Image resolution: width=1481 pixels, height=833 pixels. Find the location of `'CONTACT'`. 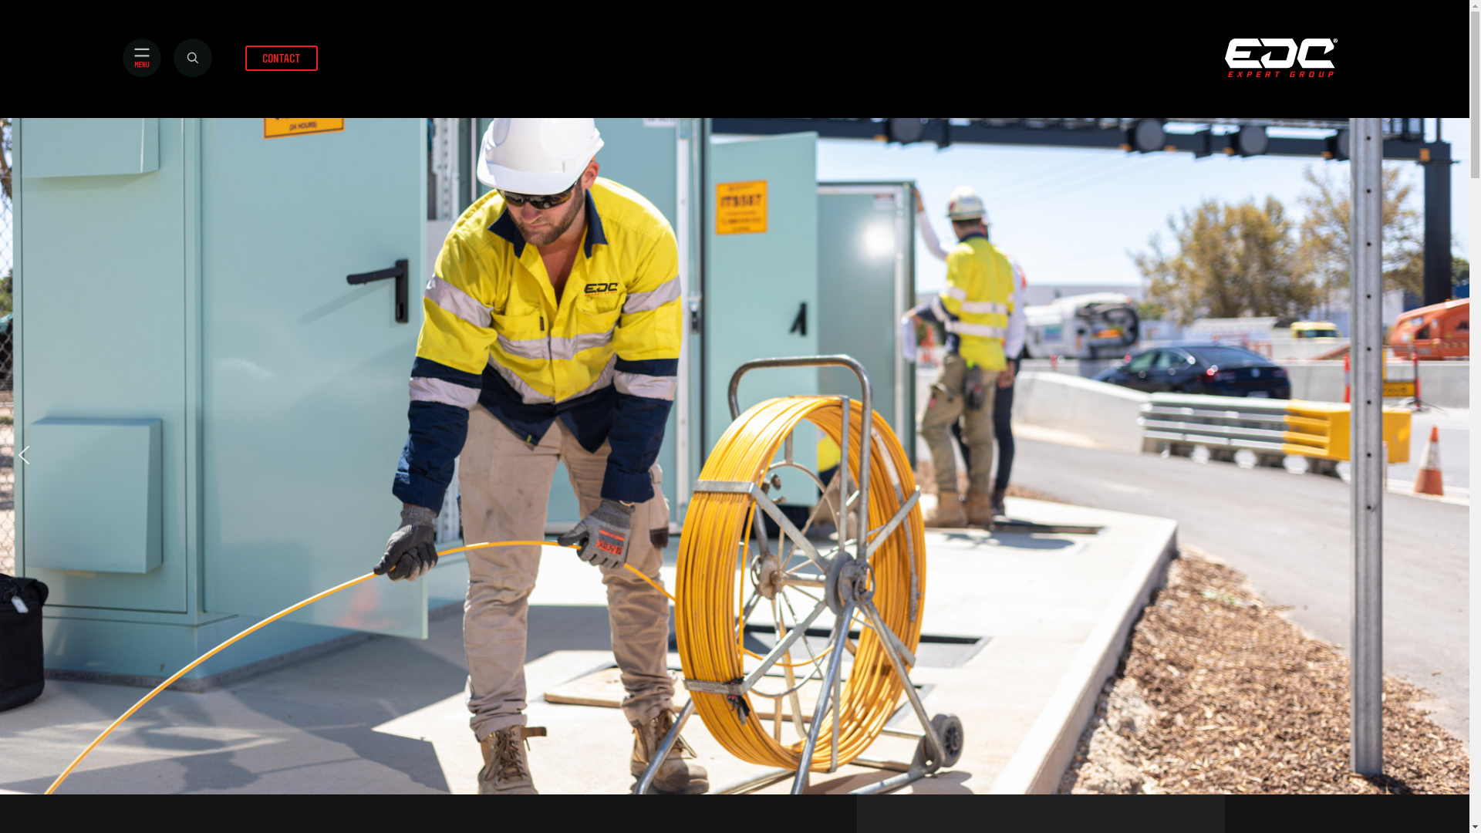

'CONTACT' is located at coordinates (281, 56).